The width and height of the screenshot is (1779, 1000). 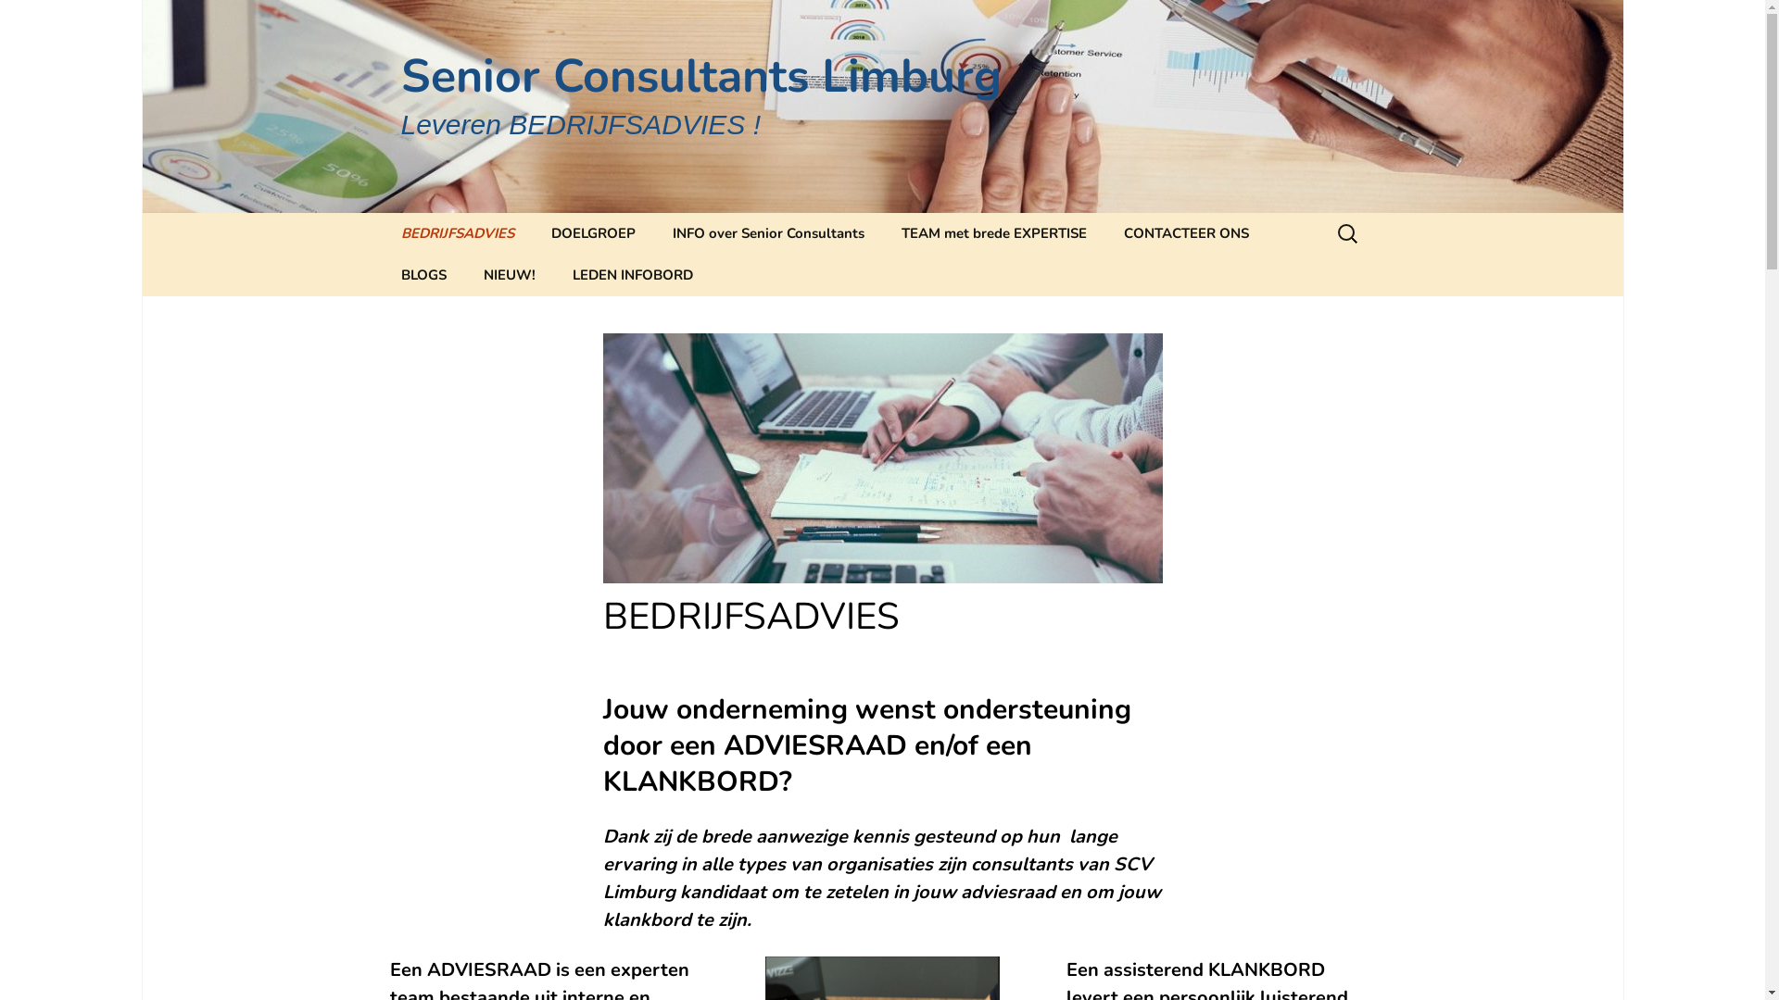 What do you see at coordinates (1184, 232) in the screenshot?
I see `'CONTACTEER ONS'` at bounding box center [1184, 232].